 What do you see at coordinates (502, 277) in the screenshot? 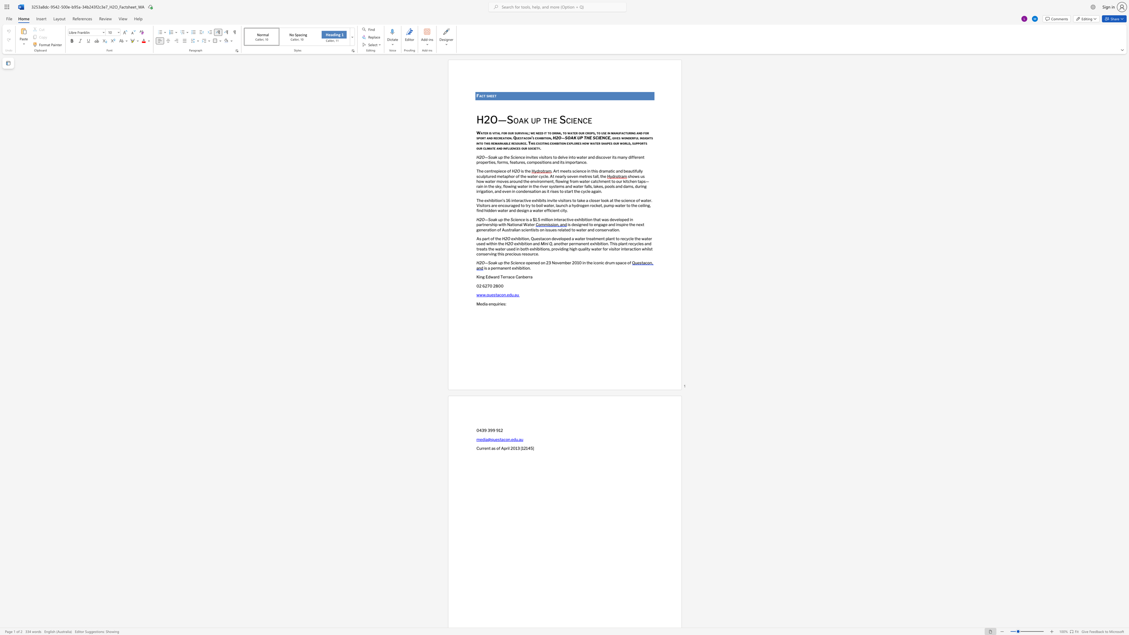
I see `the space between the continuous character "T" and "e" in the text` at bounding box center [502, 277].